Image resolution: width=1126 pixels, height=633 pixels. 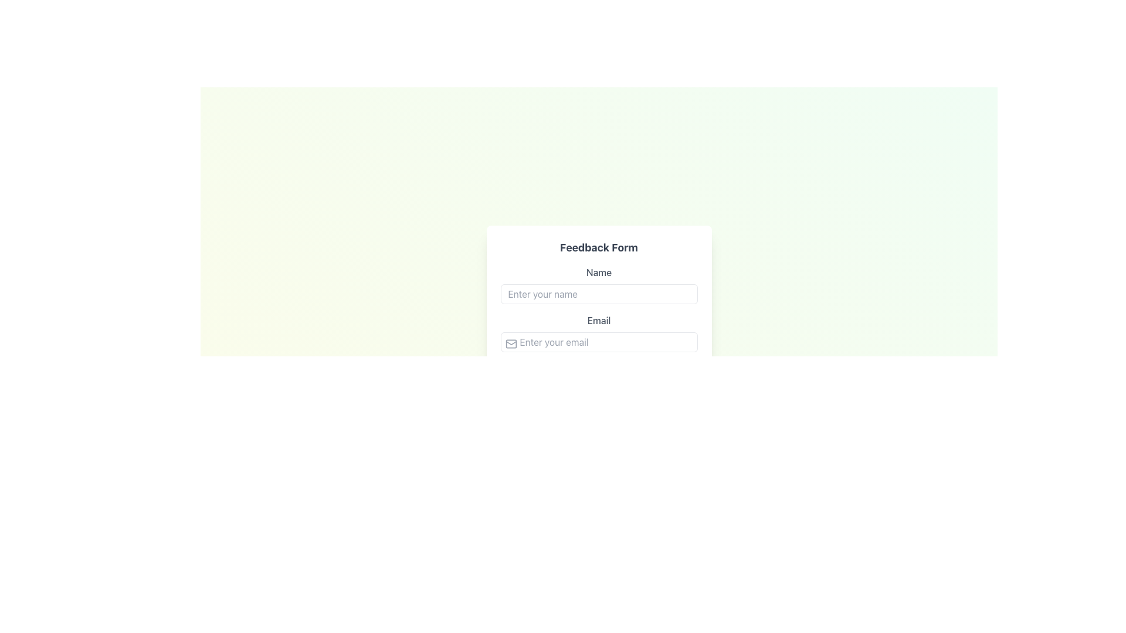 I want to click on the email icon located to the left of the email input field in the feedback form UI to visually reinforce its purpose, so click(x=511, y=343).